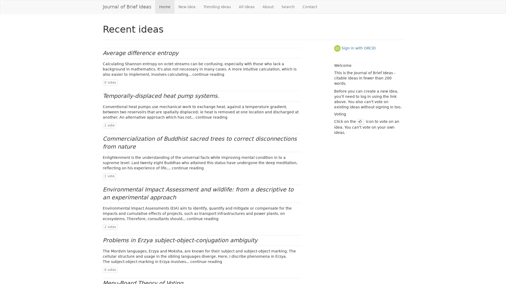 Image resolution: width=506 pixels, height=284 pixels. Describe the element at coordinates (109, 176) in the screenshot. I see `1 vote` at that location.